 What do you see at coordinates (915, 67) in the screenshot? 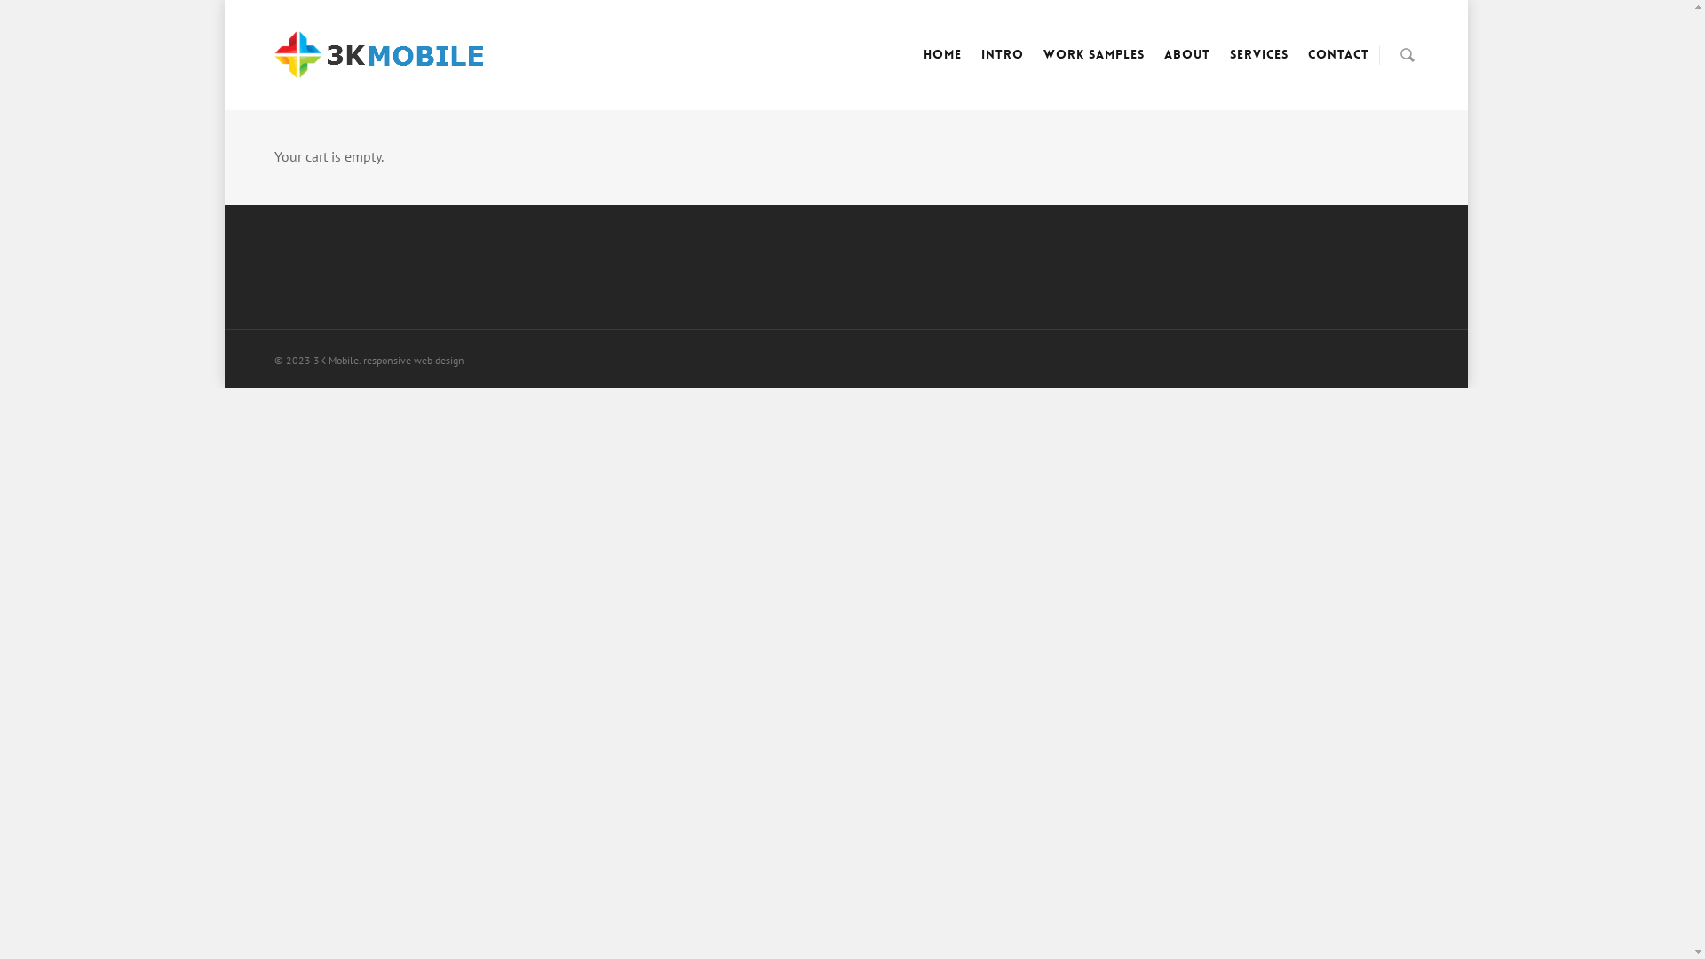
I see `'Home'` at bounding box center [915, 67].